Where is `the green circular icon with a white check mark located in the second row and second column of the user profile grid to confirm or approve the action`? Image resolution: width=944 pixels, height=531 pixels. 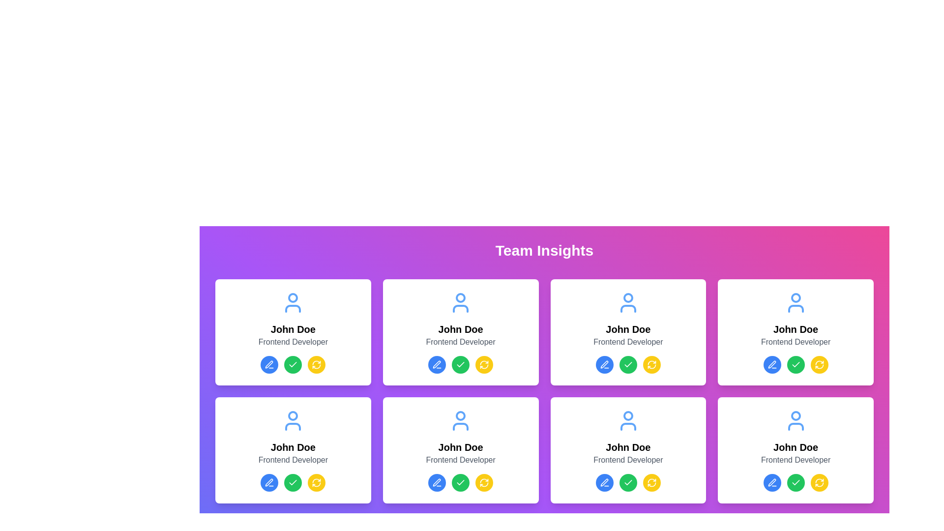 the green circular icon with a white check mark located in the second row and second column of the user profile grid to confirm or approve the action is located at coordinates (460, 482).